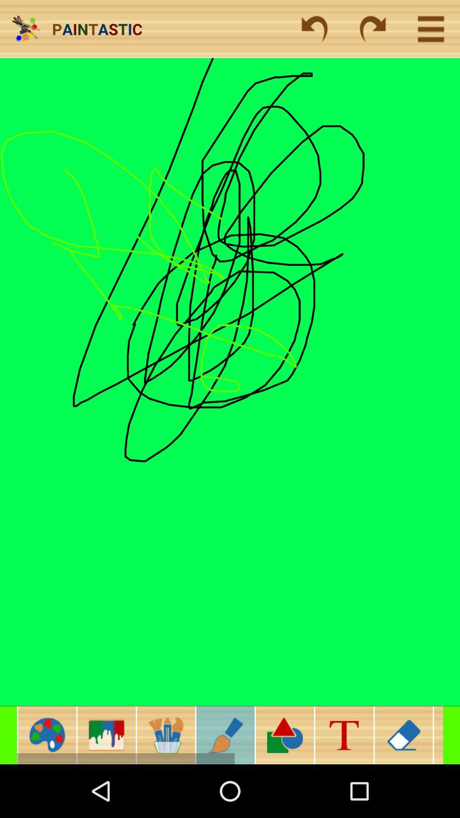 The image size is (460, 818). I want to click on the edit icon, so click(225, 734).